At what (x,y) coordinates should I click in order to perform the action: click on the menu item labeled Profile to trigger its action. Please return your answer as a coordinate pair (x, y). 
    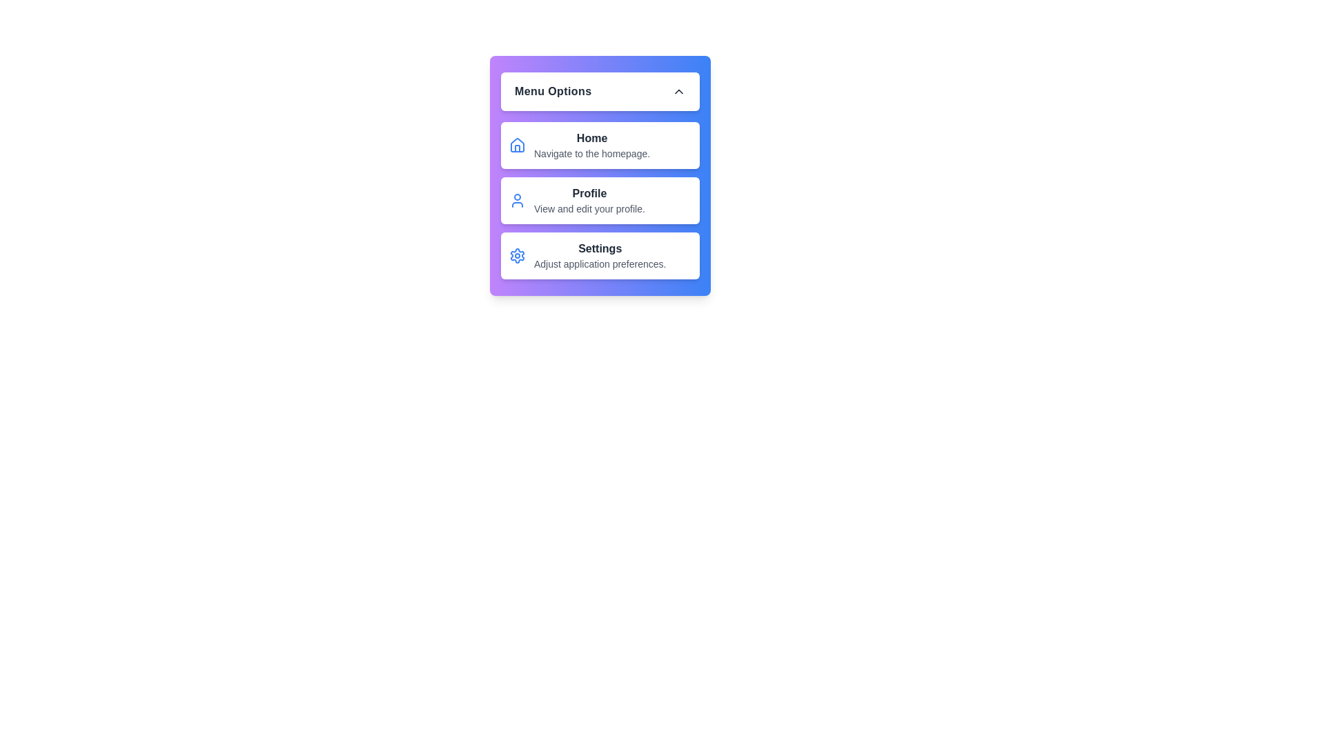
    Looking at the image, I should click on (600, 200).